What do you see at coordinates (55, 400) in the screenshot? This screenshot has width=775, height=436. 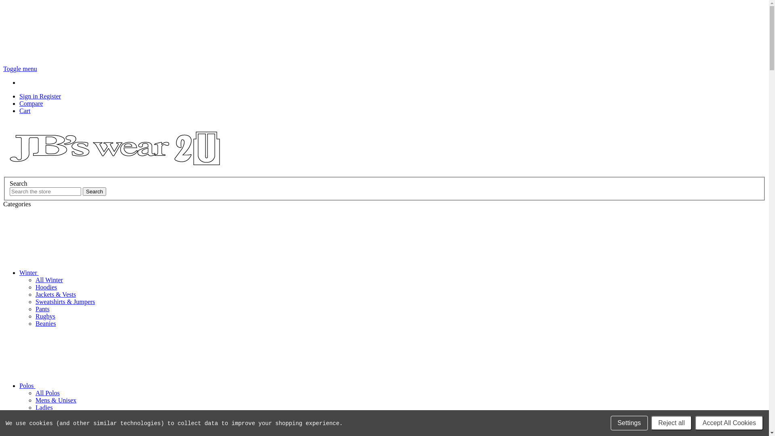 I see `'Mens & Unisex'` at bounding box center [55, 400].